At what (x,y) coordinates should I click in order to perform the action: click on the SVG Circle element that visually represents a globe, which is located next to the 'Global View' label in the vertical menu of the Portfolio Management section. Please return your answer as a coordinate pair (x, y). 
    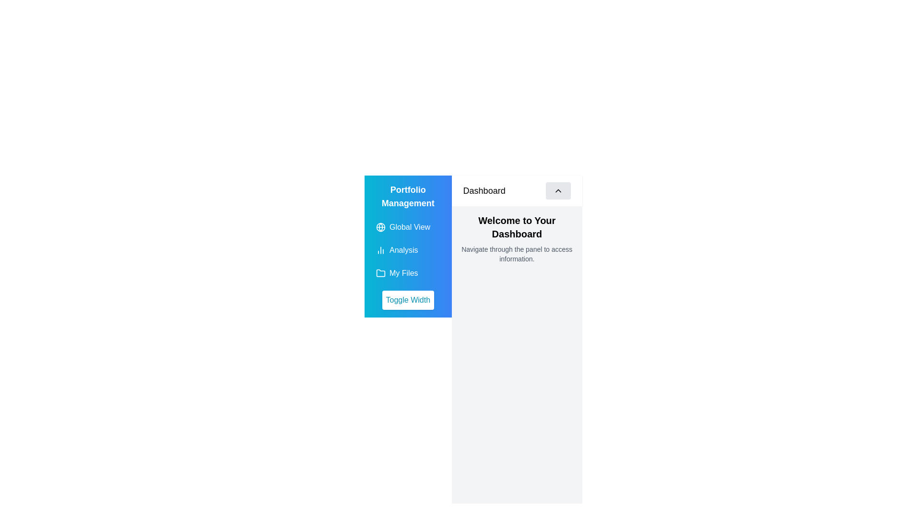
    Looking at the image, I should click on (380, 227).